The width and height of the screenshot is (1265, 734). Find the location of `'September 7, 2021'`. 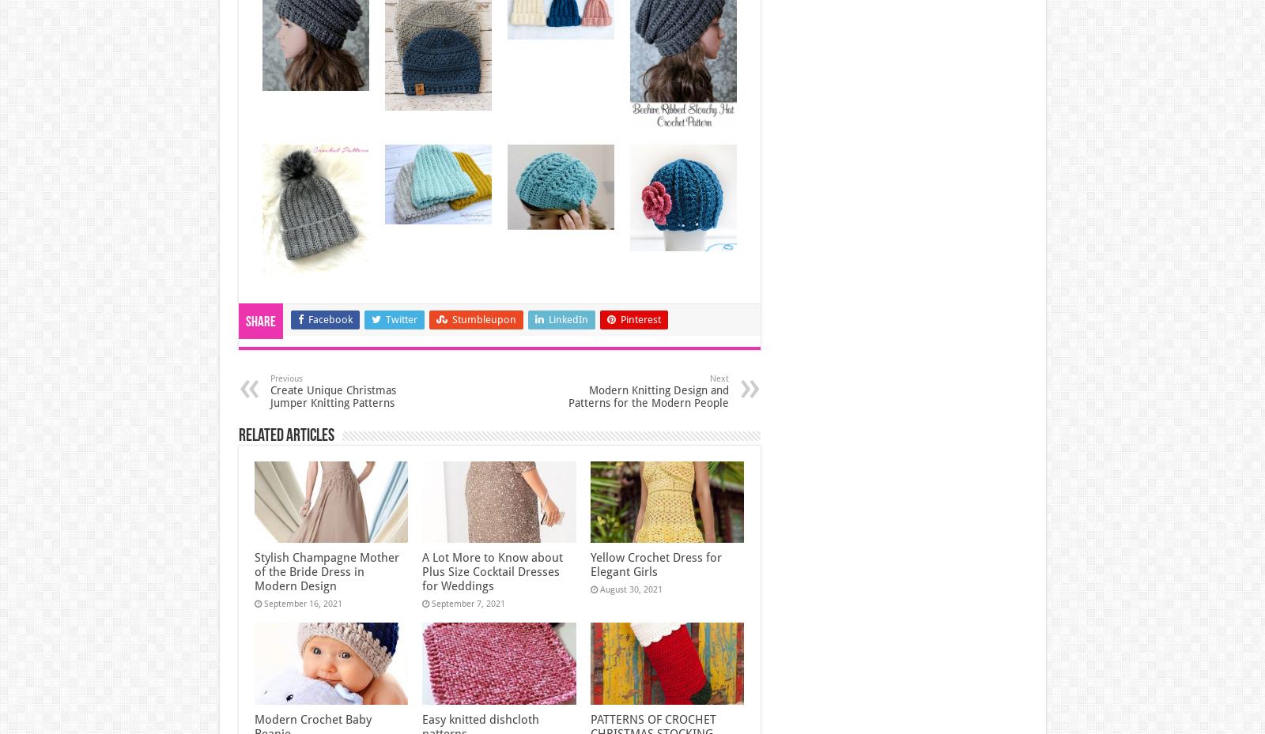

'September 7, 2021' is located at coordinates (430, 603).